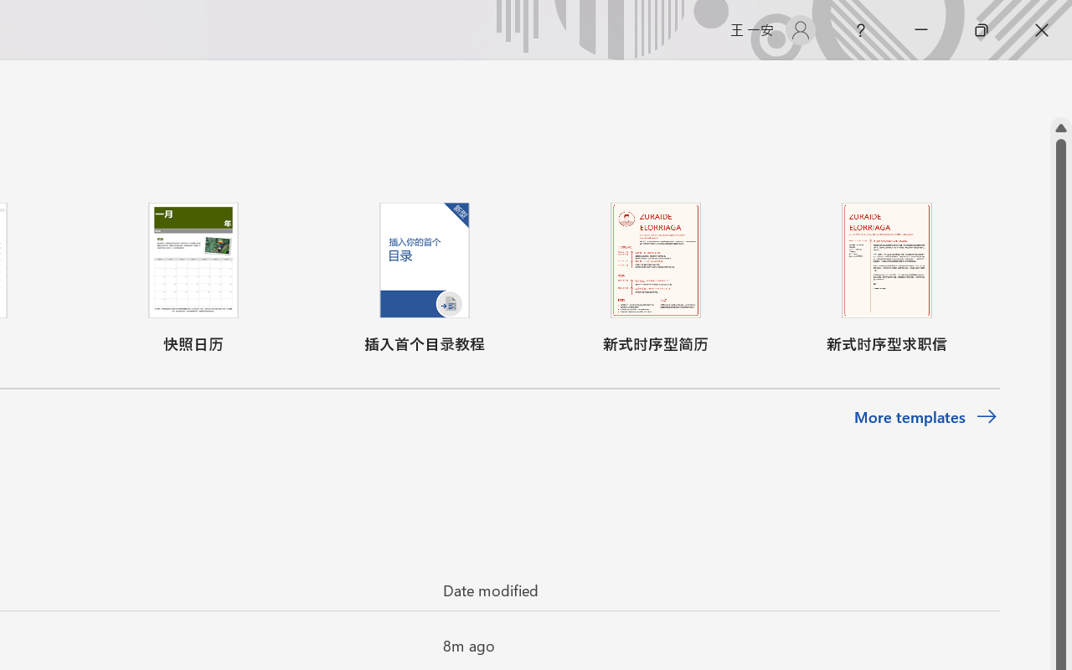 Image resolution: width=1072 pixels, height=670 pixels. I want to click on 'Minimize', so click(920, 29).